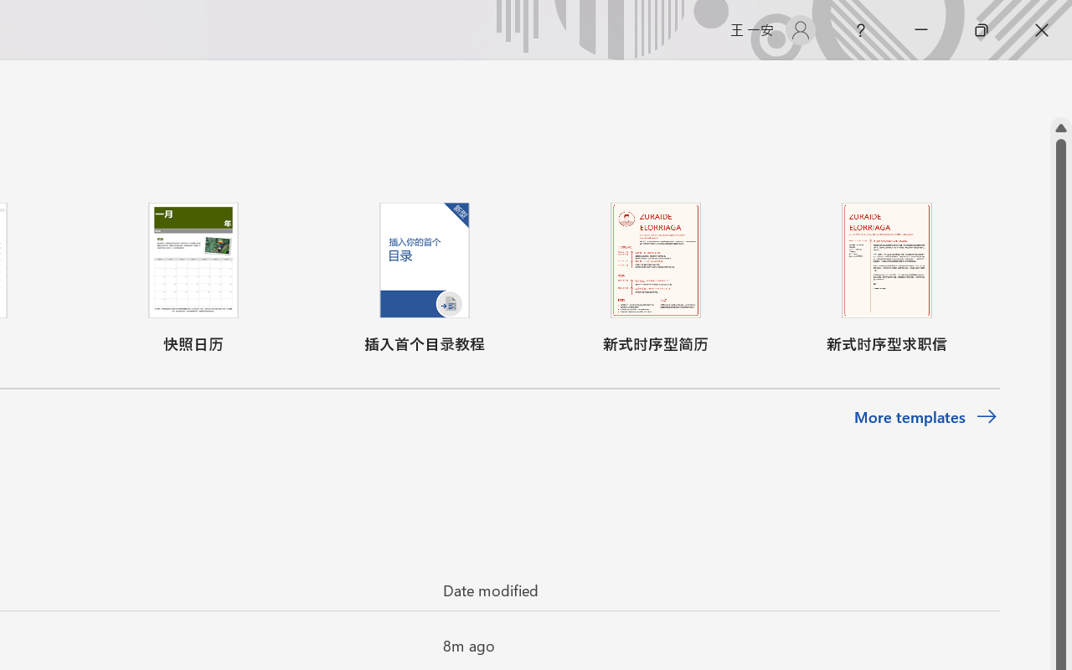 Image resolution: width=1072 pixels, height=670 pixels. I want to click on 'Minimize', so click(920, 29).